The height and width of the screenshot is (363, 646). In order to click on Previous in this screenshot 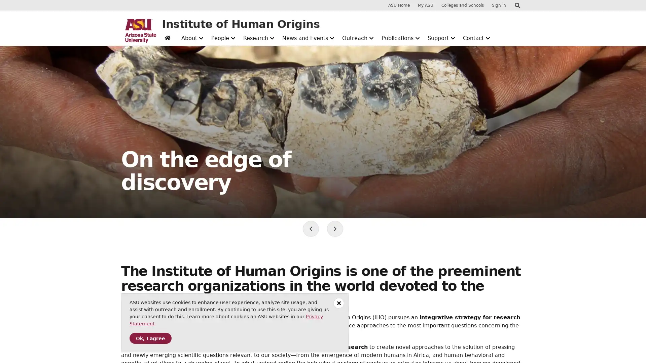, I will do `click(311, 229)`.